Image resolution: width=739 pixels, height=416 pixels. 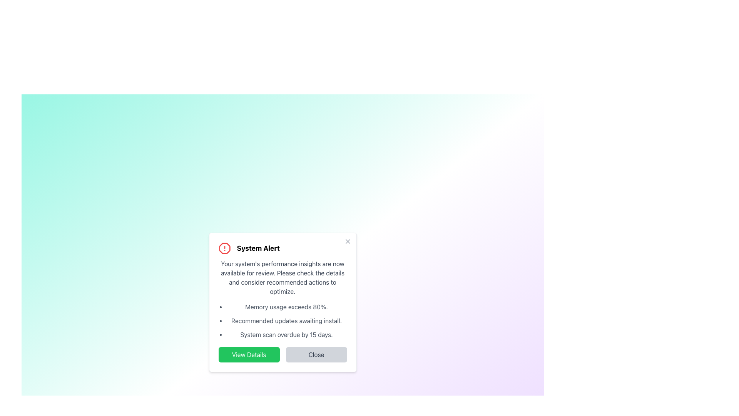 I want to click on the bulleted list component within the system alert box that includes items about memory usage, updates, and system scan overdue, so click(x=286, y=321).